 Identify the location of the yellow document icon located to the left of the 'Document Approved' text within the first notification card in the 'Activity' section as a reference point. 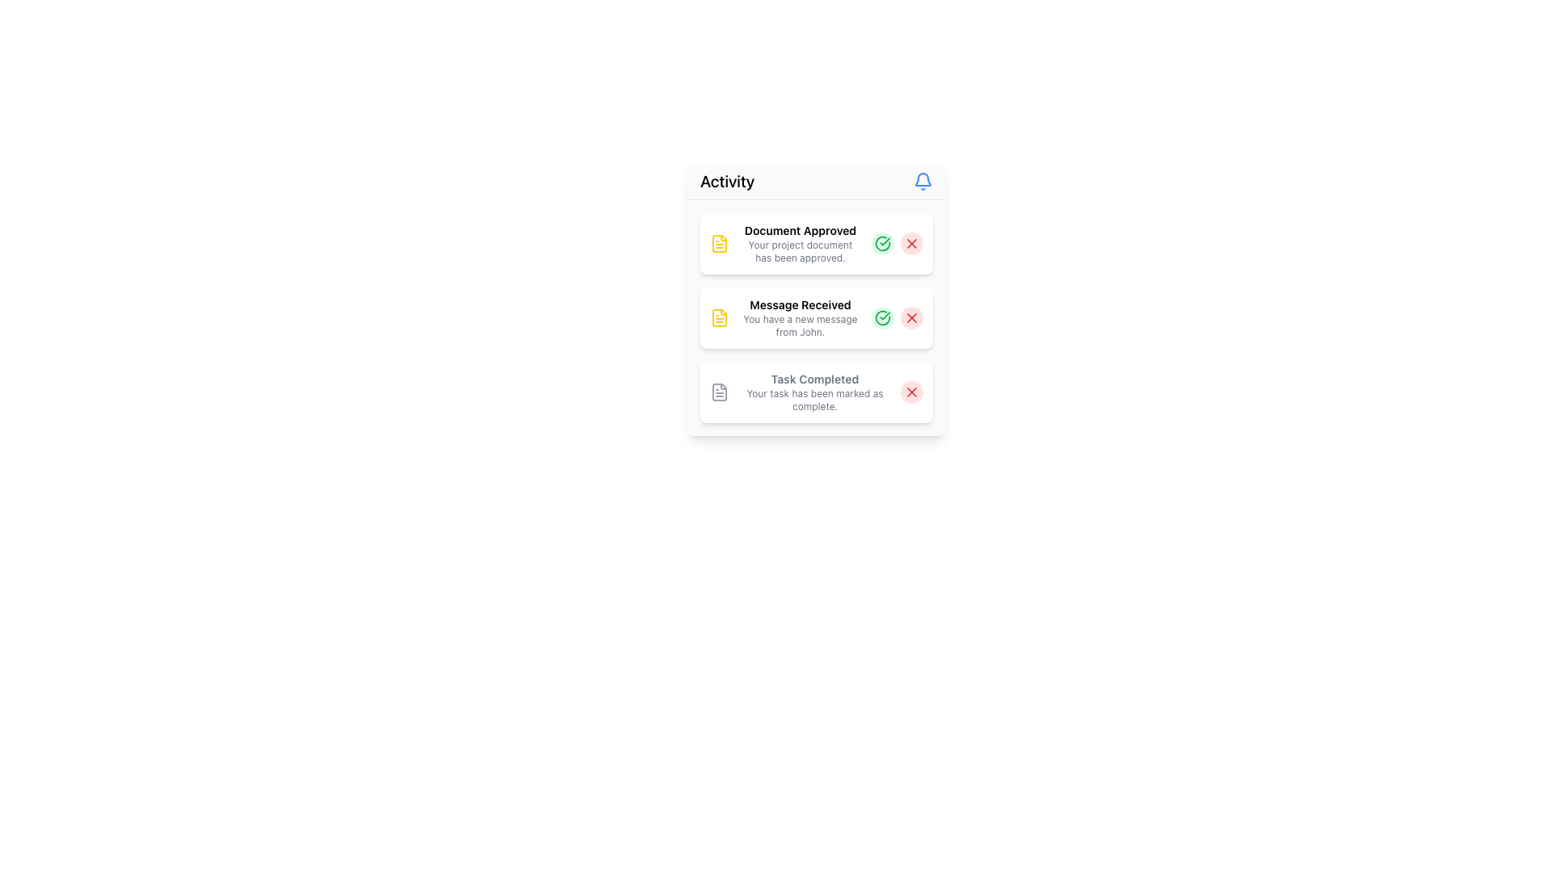
(719, 243).